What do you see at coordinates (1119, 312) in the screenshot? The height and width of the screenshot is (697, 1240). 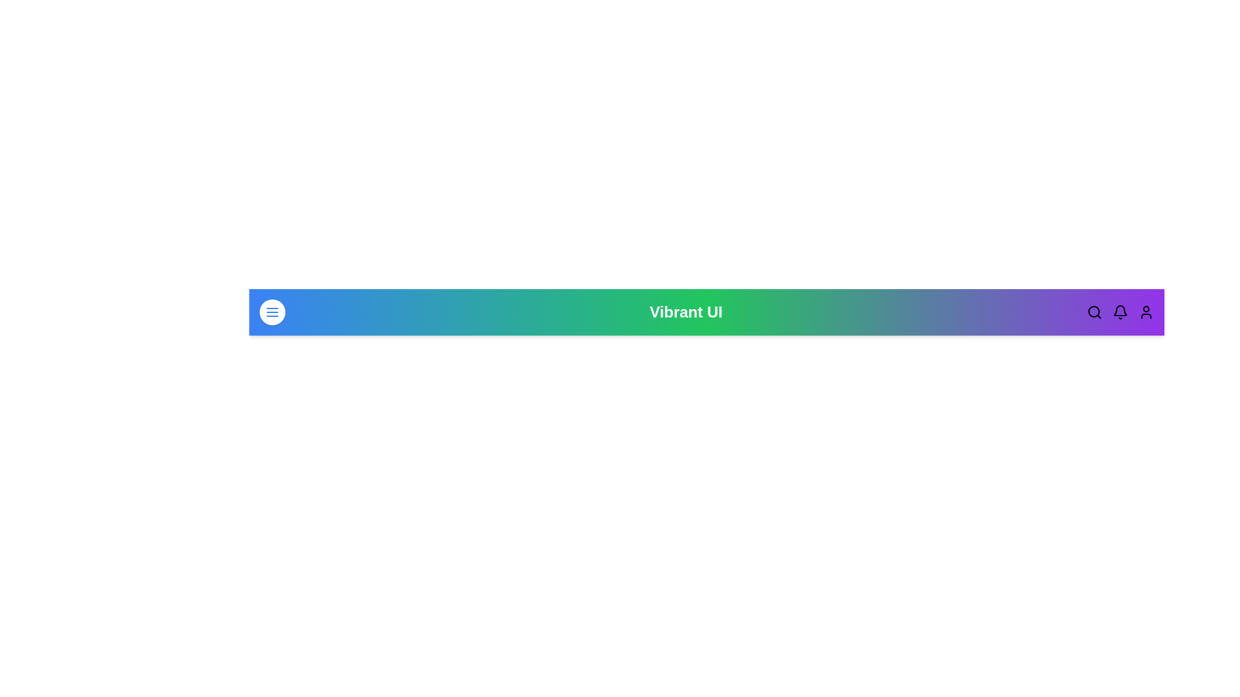 I see `the notification icon to view notifications` at bounding box center [1119, 312].